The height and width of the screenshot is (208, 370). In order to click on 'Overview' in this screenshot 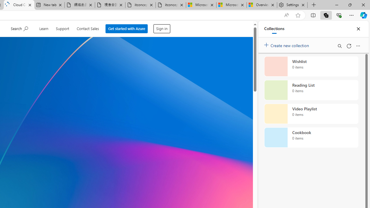, I will do `click(261, 5)`.